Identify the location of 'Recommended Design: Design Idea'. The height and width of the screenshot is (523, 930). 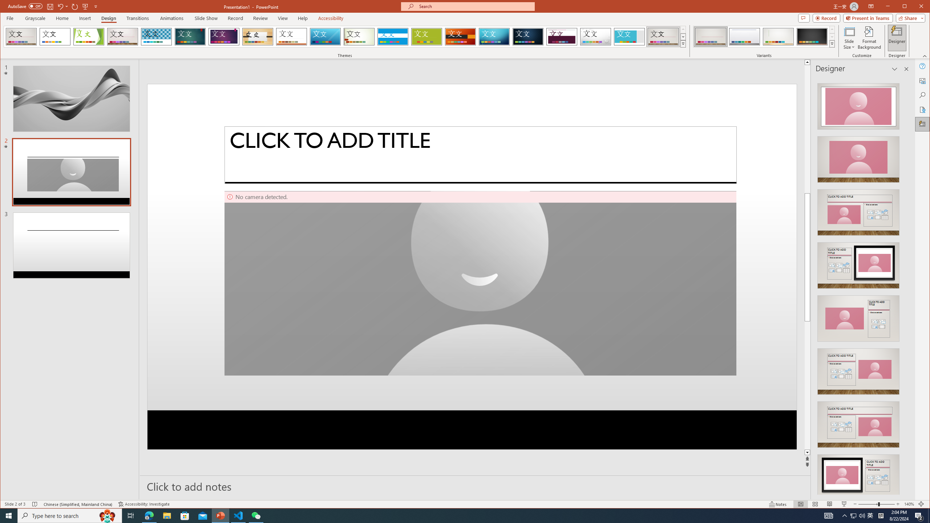
(858, 104).